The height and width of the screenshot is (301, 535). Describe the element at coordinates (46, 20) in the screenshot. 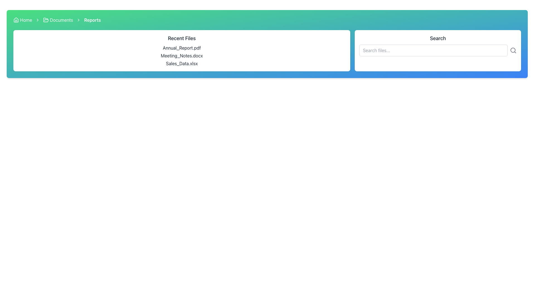

I see `the open folder icon in the breadcrumb navigation bar` at that location.